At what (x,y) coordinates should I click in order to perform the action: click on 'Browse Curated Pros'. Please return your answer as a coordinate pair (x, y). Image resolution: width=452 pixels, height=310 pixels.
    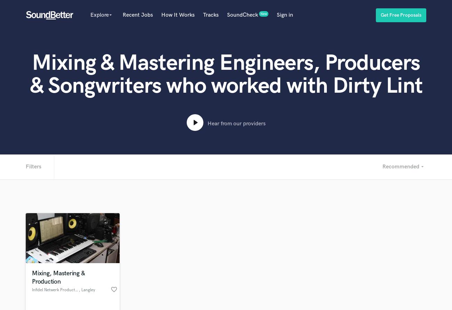
    Looking at the image, I should click on (104, 215).